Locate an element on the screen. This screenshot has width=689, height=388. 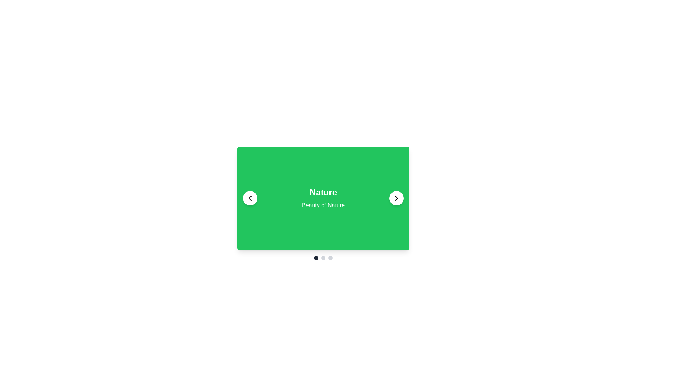
the selected pagination indicator, which is the darker circular indicator in the horizontal arrangement of three circles located at the bottom center below the 'Nature' card is located at coordinates (323, 257).